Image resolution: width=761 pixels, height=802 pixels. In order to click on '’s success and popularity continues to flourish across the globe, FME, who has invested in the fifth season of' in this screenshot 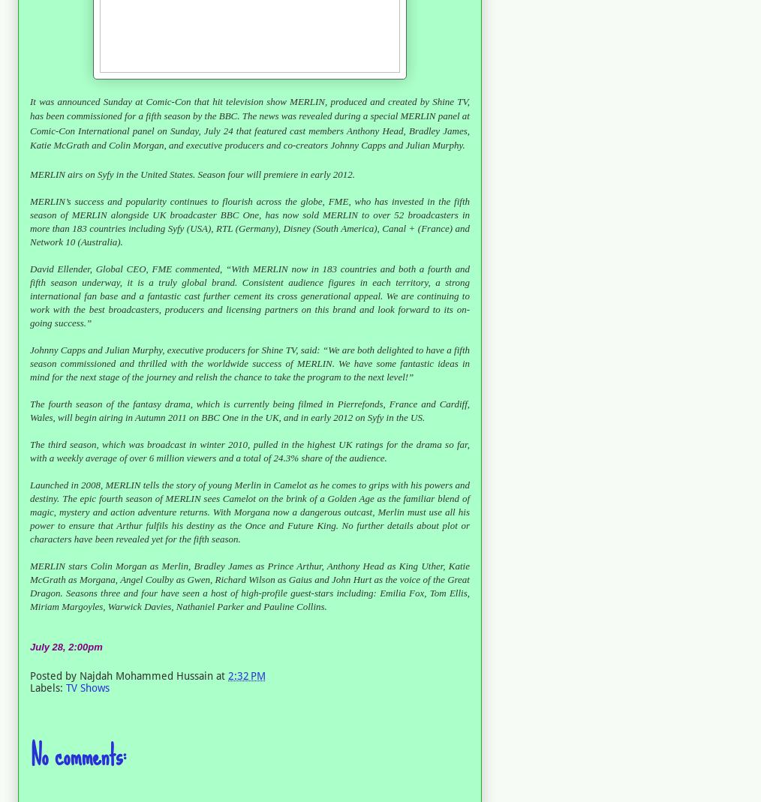, I will do `click(249, 206)`.